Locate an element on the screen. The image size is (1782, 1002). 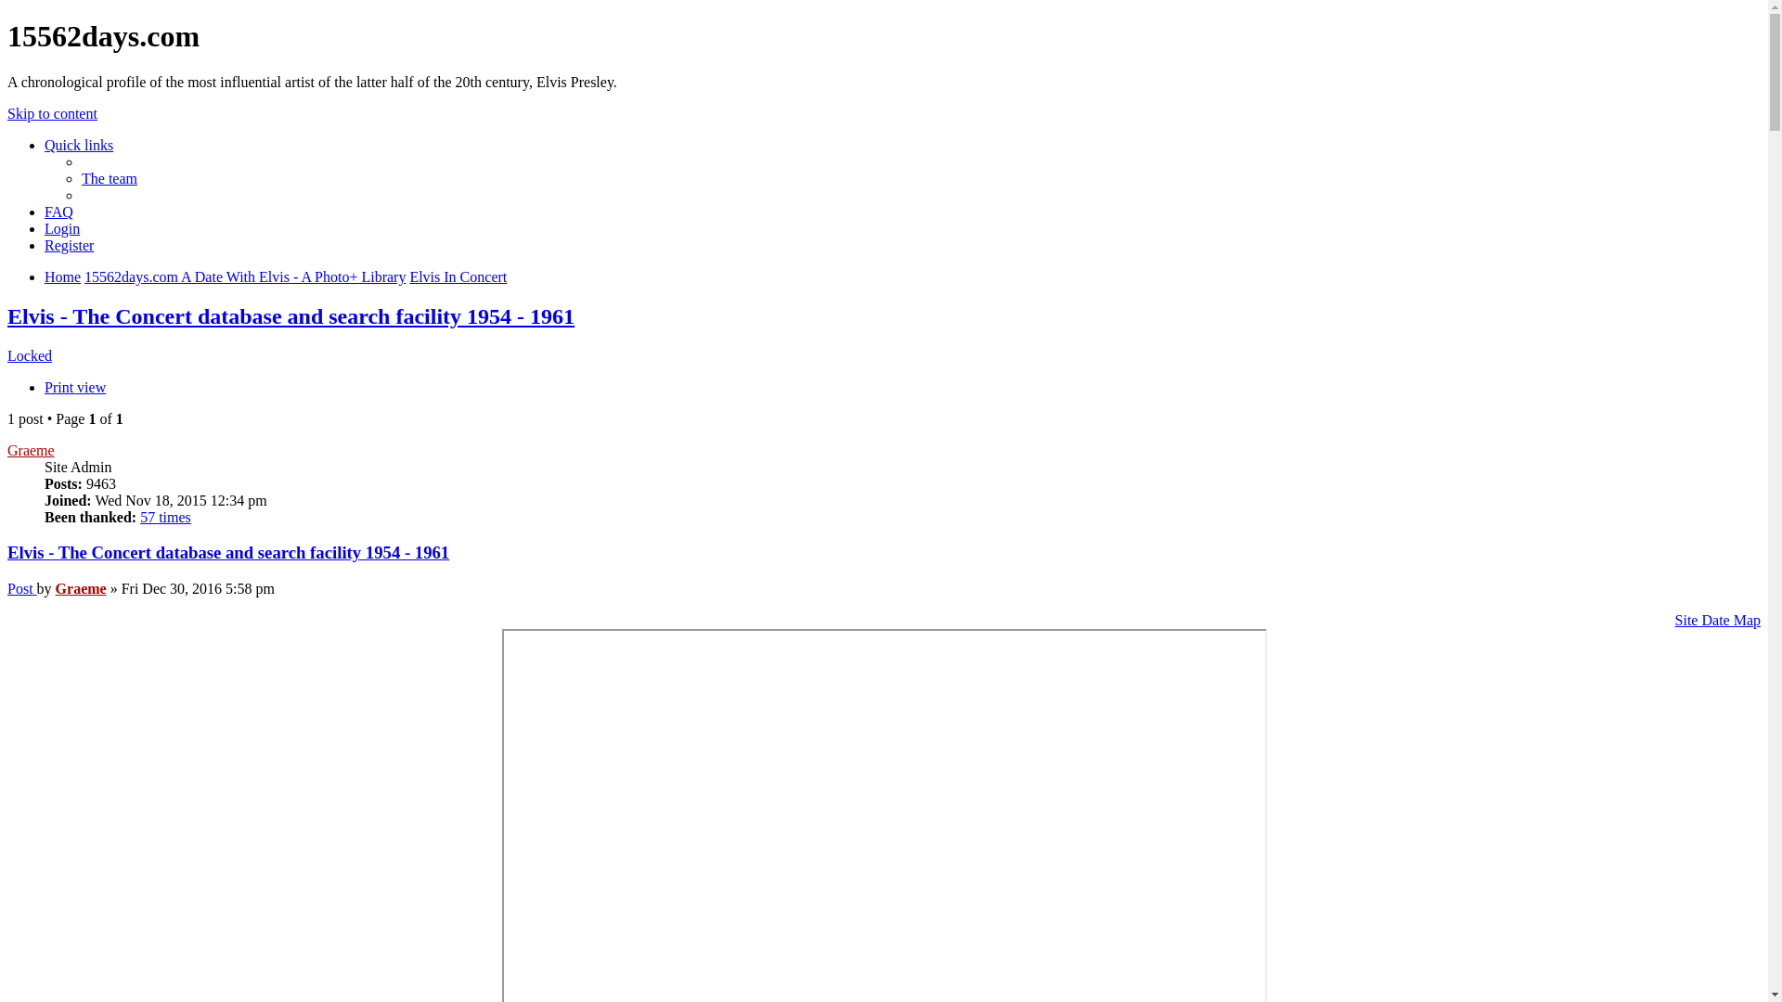
'Skip to content' is located at coordinates (52, 113).